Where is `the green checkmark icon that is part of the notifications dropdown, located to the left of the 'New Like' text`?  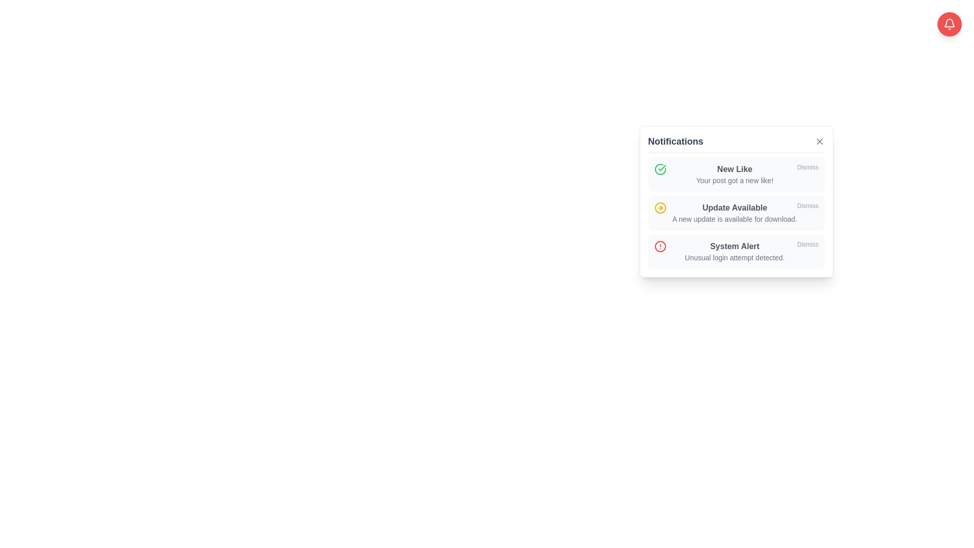 the green checkmark icon that is part of the notifications dropdown, located to the left of the 'New Like' text is located at coordinates (662, 167).